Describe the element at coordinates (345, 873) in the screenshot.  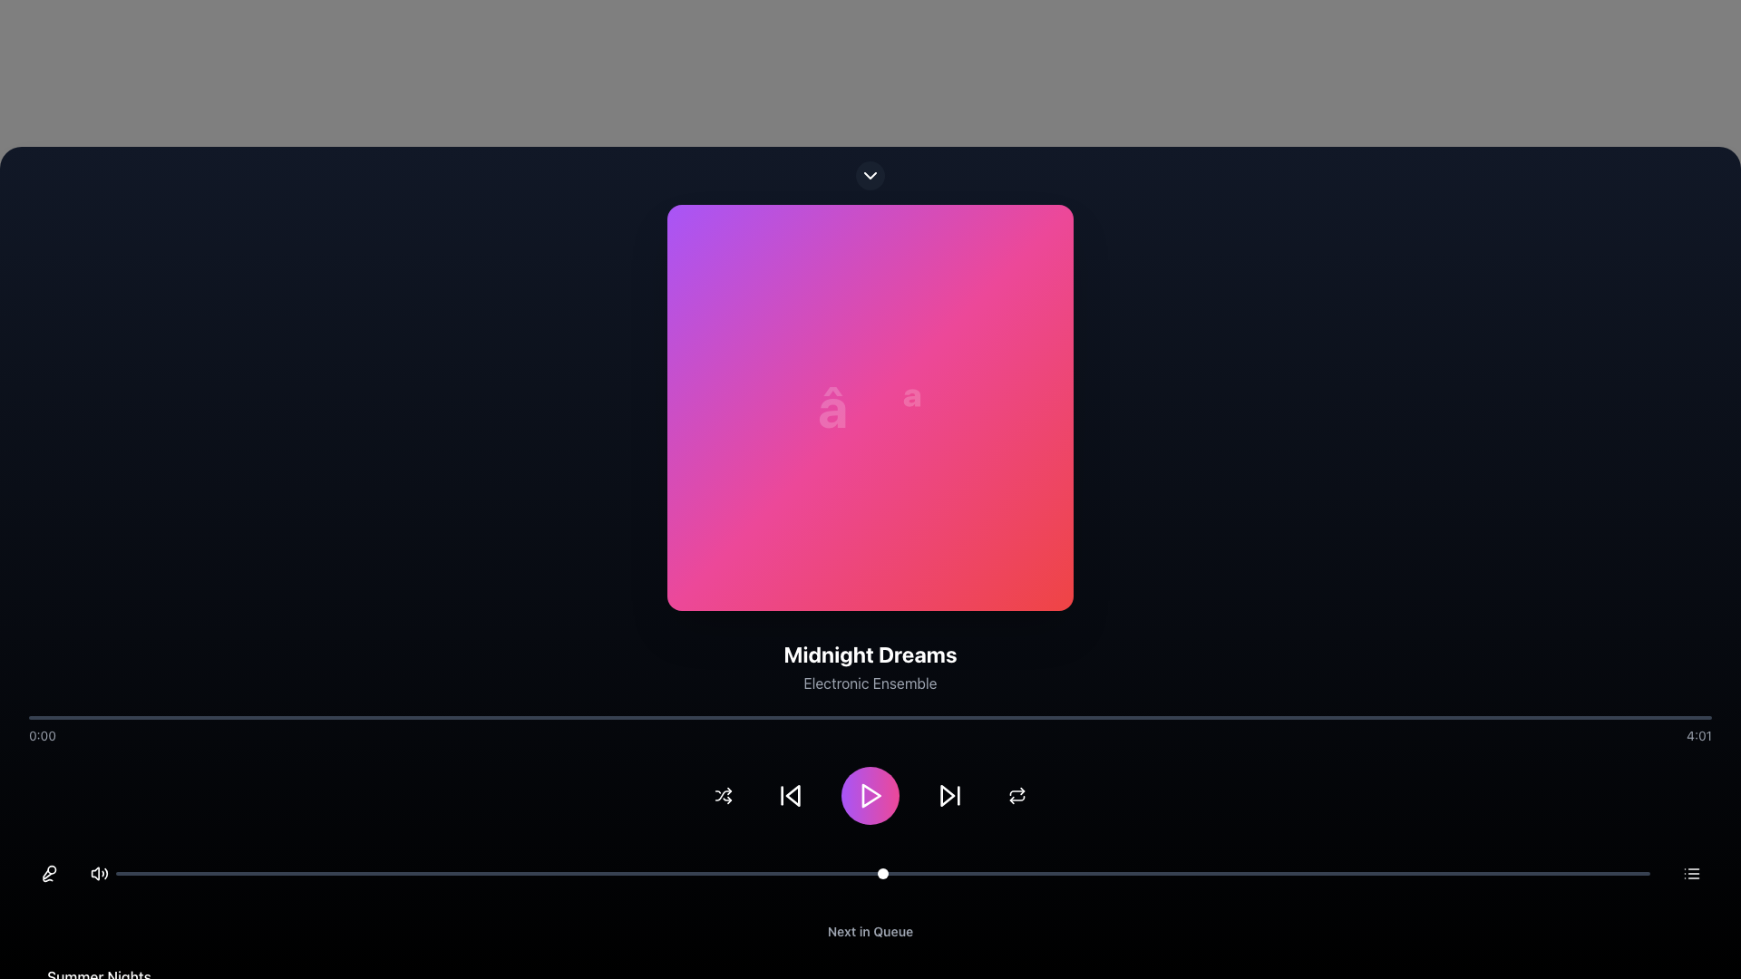
I see `the timeline position` at that location.